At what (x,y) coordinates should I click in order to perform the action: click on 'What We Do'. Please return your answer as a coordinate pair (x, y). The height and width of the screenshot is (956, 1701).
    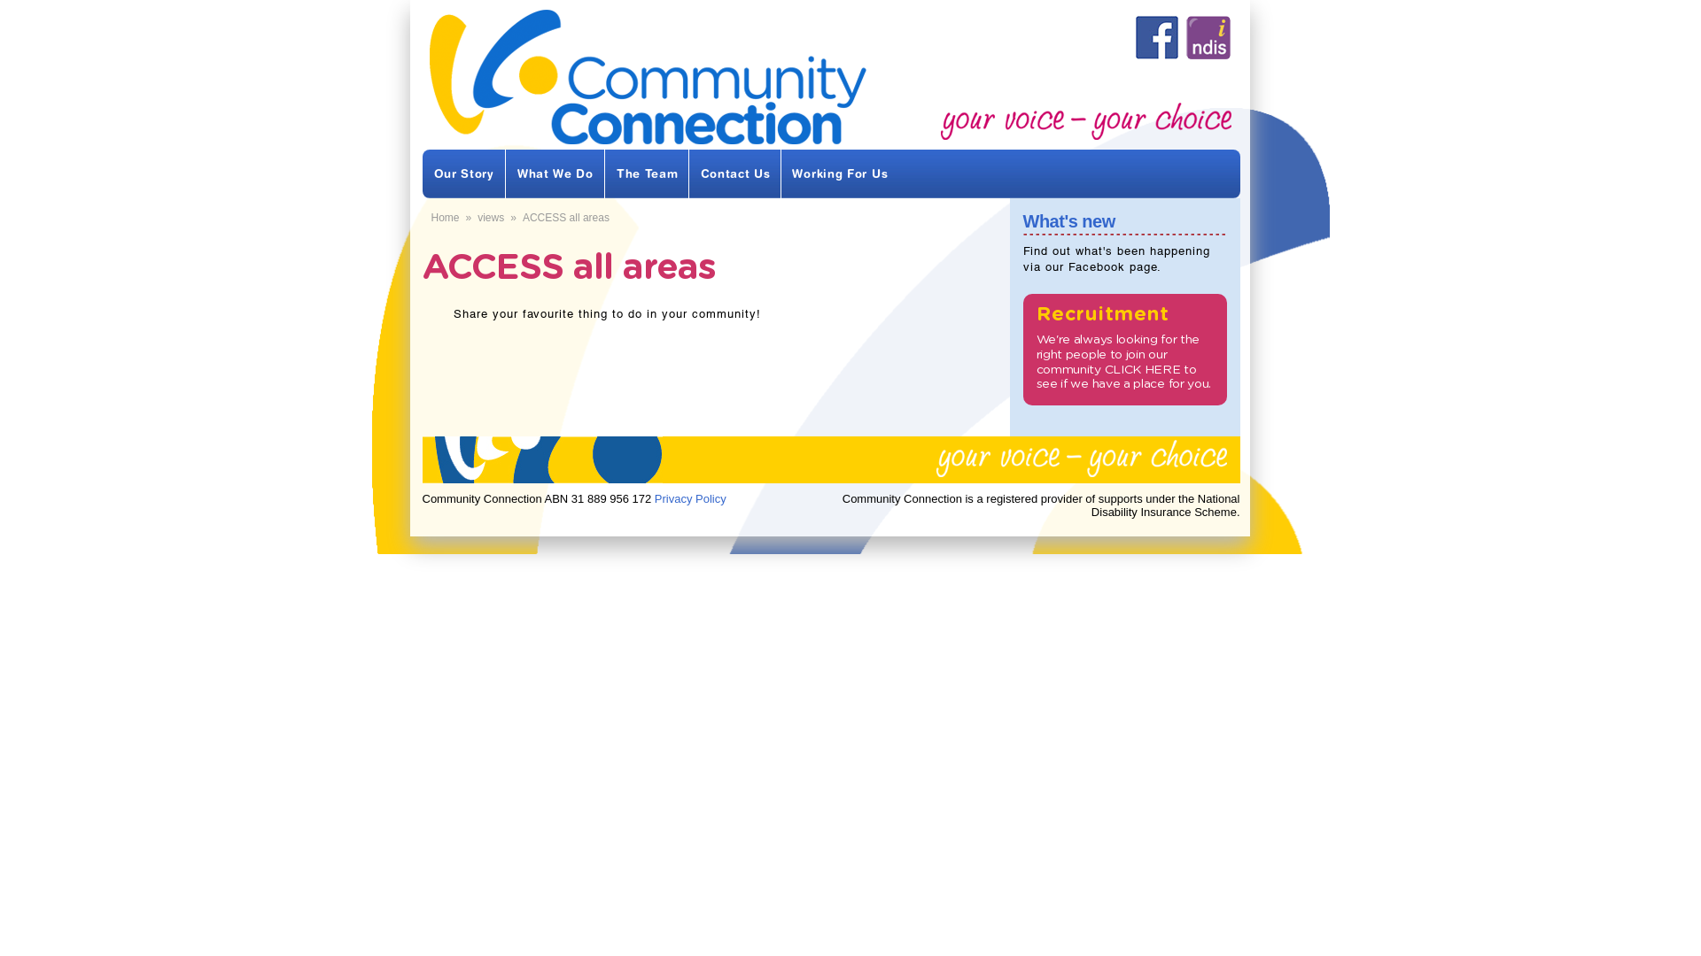
    Looking at the image, I should click on (505, 170).